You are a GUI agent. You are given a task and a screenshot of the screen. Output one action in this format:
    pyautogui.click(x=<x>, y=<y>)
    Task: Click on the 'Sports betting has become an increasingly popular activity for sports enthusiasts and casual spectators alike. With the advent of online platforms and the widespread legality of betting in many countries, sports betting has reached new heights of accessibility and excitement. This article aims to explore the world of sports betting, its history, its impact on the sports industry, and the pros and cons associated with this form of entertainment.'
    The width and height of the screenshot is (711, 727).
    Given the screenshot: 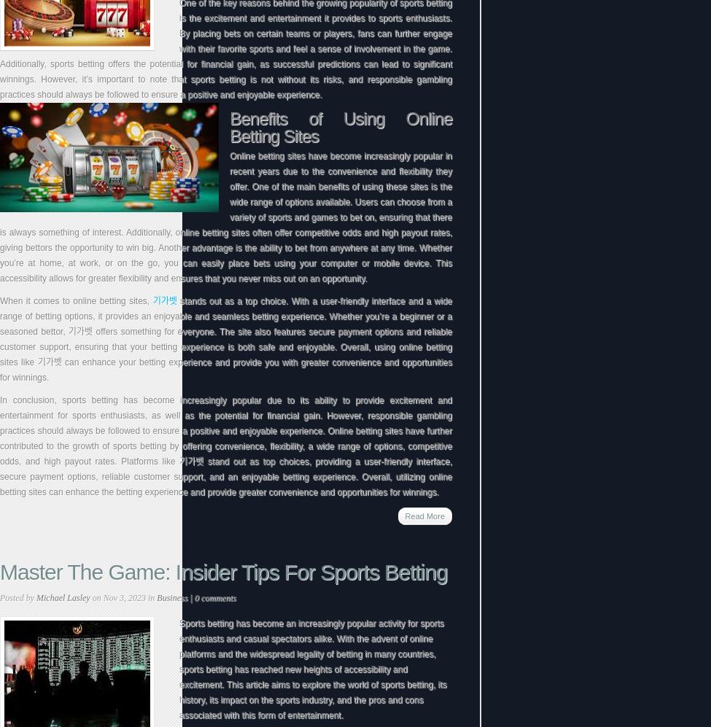 What is the action you would take?
    pyautogui.click(x=313, y=669)
    